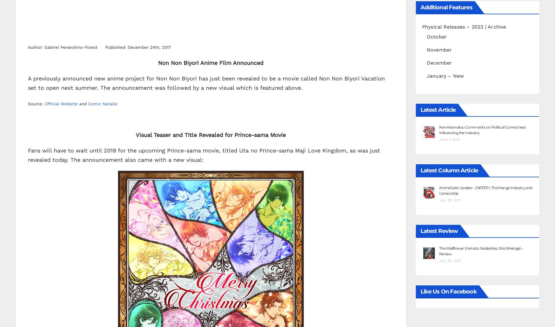  What do you see at coordinates (437, 109) in the screenshot?
I see `'Latest Article'` at bounding box center [437, 109].